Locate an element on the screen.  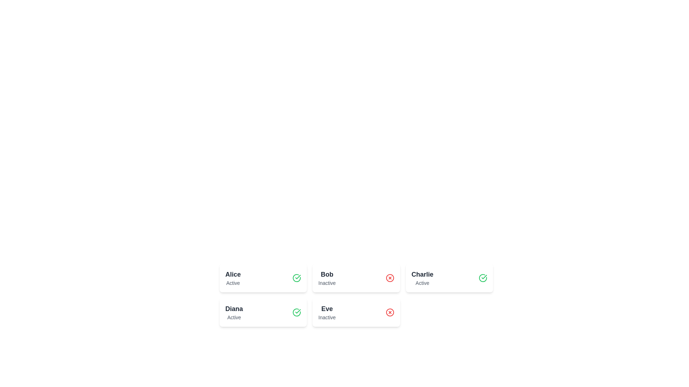
the green checkmark icon indicating success, located in the top-right corner of the 'Charlie' box is located at coordinates (484, 276).